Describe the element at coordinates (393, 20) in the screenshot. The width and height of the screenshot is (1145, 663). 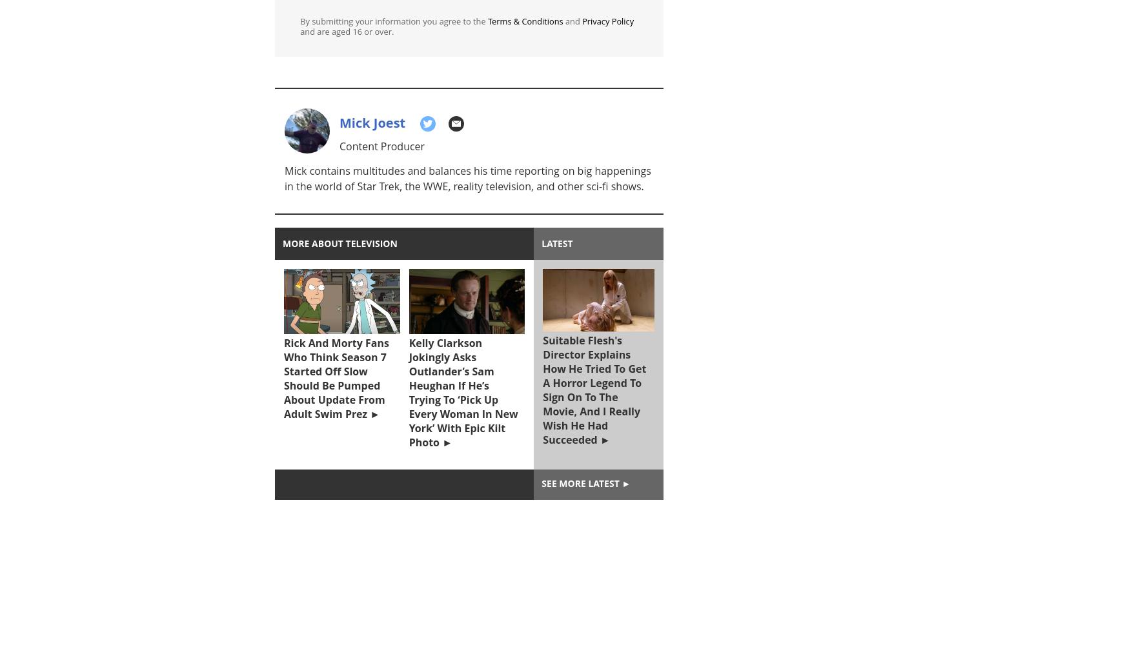
I see `'By submitting your information you agree to the'` at that location.